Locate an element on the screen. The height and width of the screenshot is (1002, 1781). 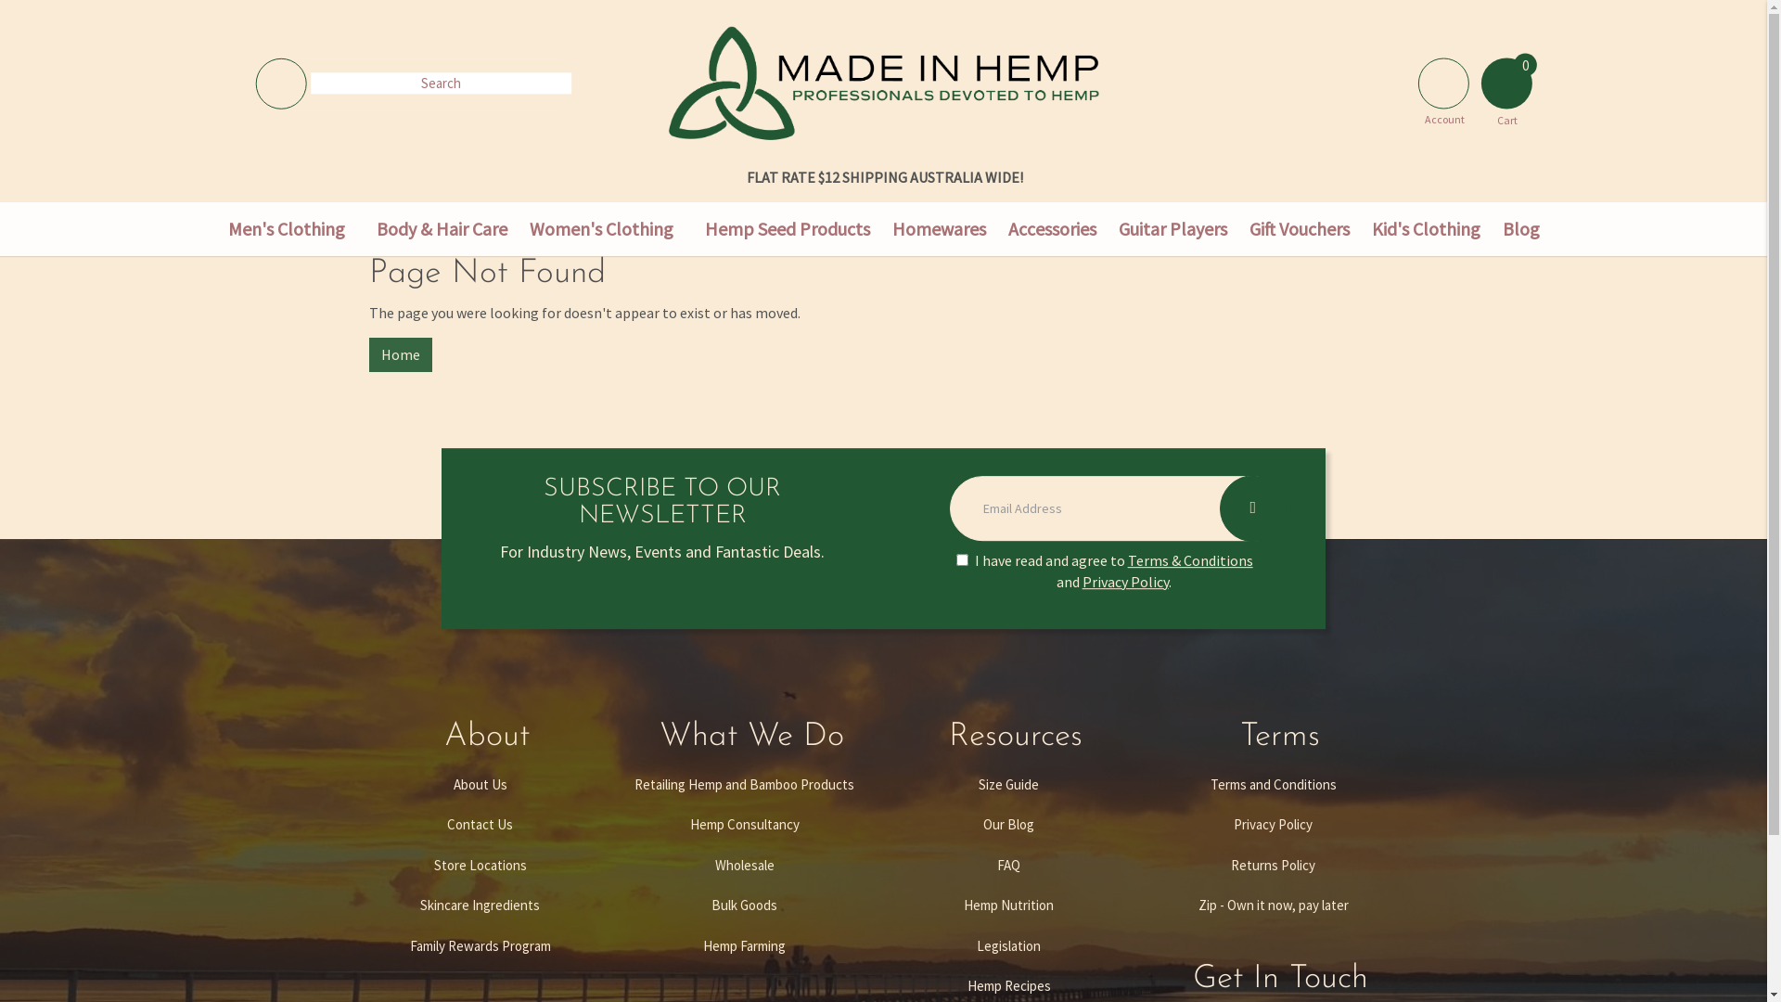
'Accessories' is located at coordinates (1051, 228).